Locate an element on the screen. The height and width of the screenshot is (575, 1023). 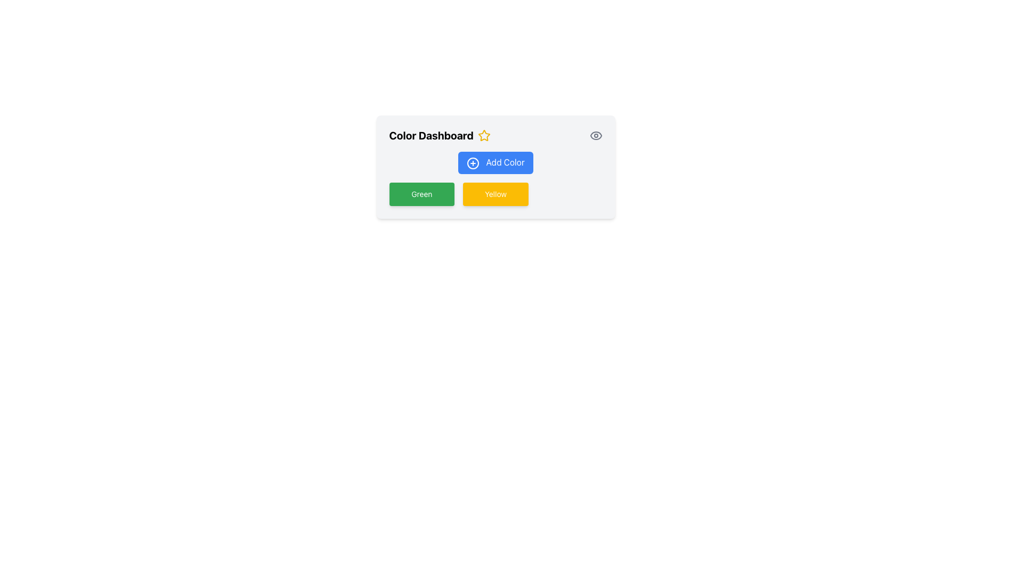
the outer oval shape of the eye icon, which is part of a minimalist design in gray color, located at the top-right corner of the interface is located at coordinates (595, 135).